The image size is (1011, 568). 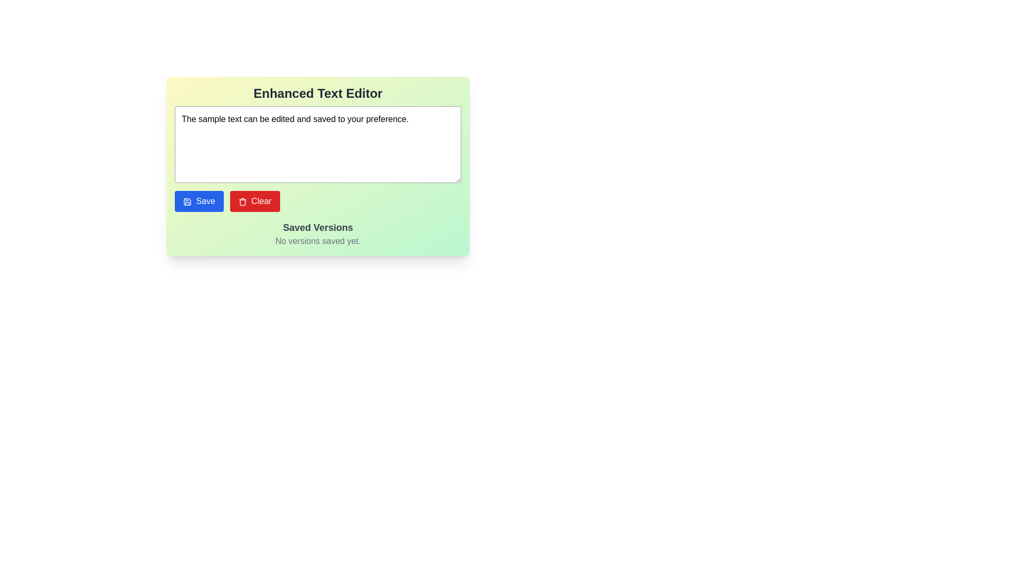 I want to click on the leftmost button labeled 'Save', which has a blue background and a white floppy disk icon to observe its hover effect, so click(x=199, y=201).